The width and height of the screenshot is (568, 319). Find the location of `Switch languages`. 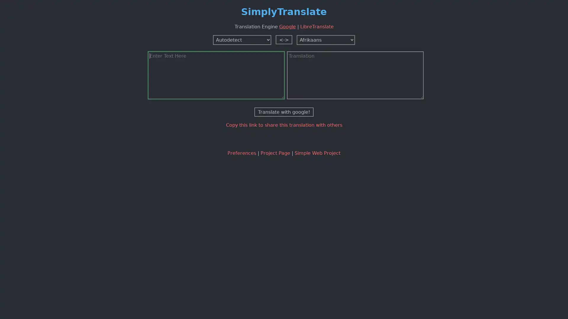

Switch languages is located at coordinates (284, 39).